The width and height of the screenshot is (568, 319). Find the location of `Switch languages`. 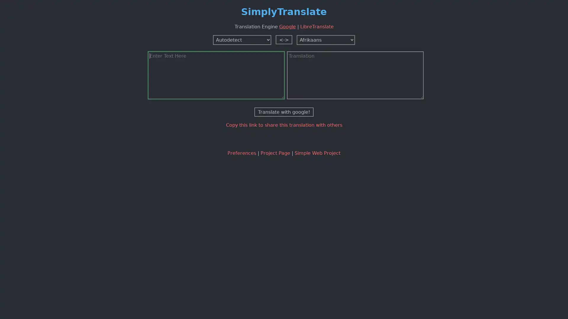

Switch languages is located at coordinates (284, 39).